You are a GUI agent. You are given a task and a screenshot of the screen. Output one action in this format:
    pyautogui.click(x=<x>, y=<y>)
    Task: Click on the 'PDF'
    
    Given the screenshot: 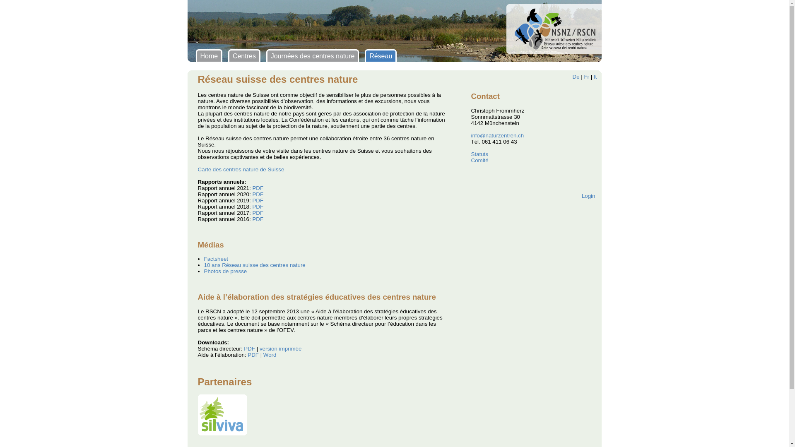 What is the action you would take?
    pyautogui.click(x=257, y=219)
    